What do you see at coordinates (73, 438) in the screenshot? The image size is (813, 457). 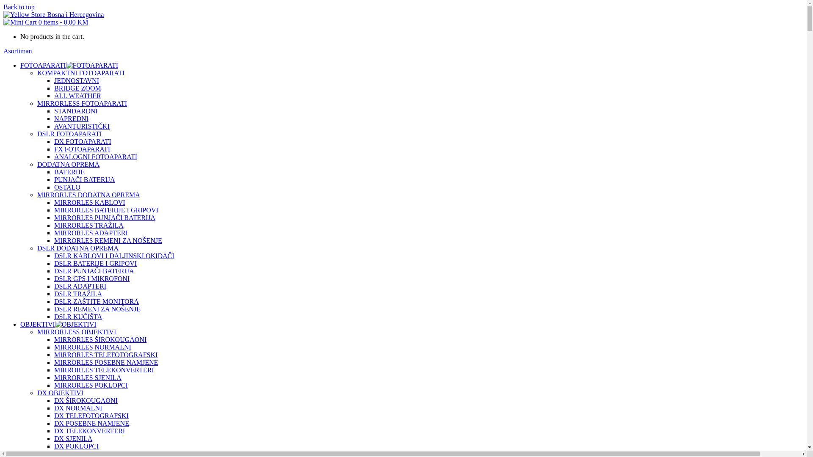 I see `'DX SJENILA'` at bounding box center [73, 438].